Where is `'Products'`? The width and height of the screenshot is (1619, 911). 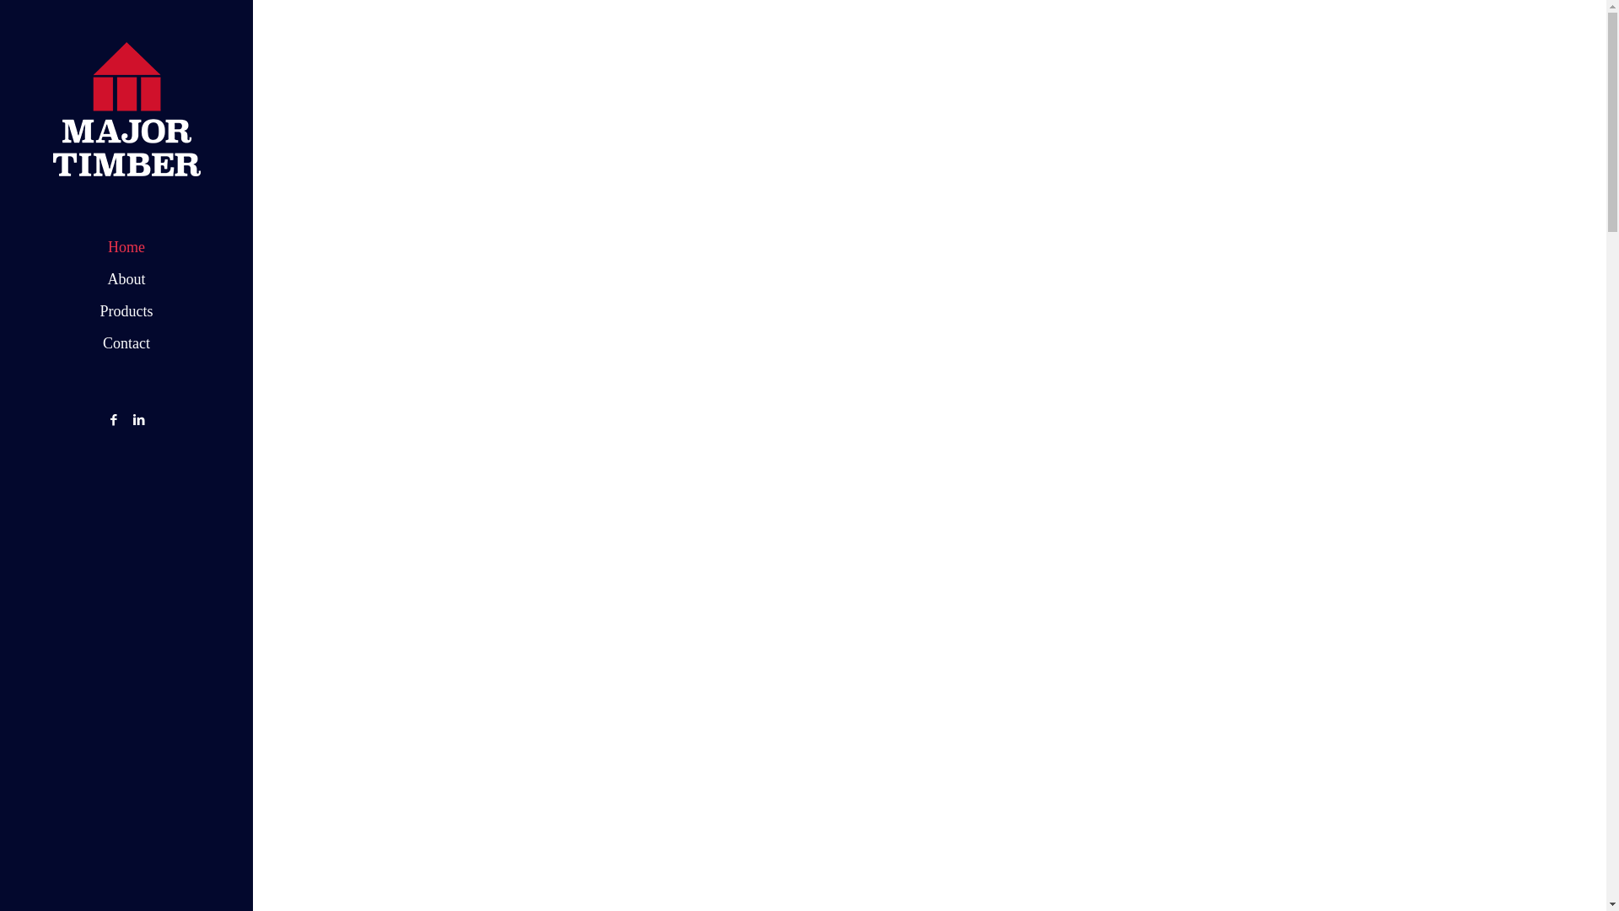 'Products' is located at coordinates (125, 311).